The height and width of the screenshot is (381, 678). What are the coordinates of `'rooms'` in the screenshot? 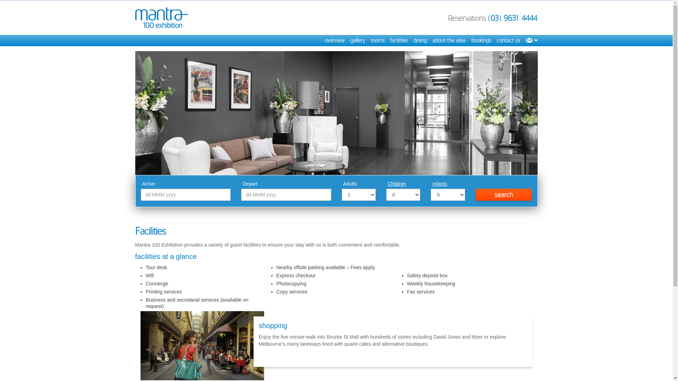 It's located at (377, 41).